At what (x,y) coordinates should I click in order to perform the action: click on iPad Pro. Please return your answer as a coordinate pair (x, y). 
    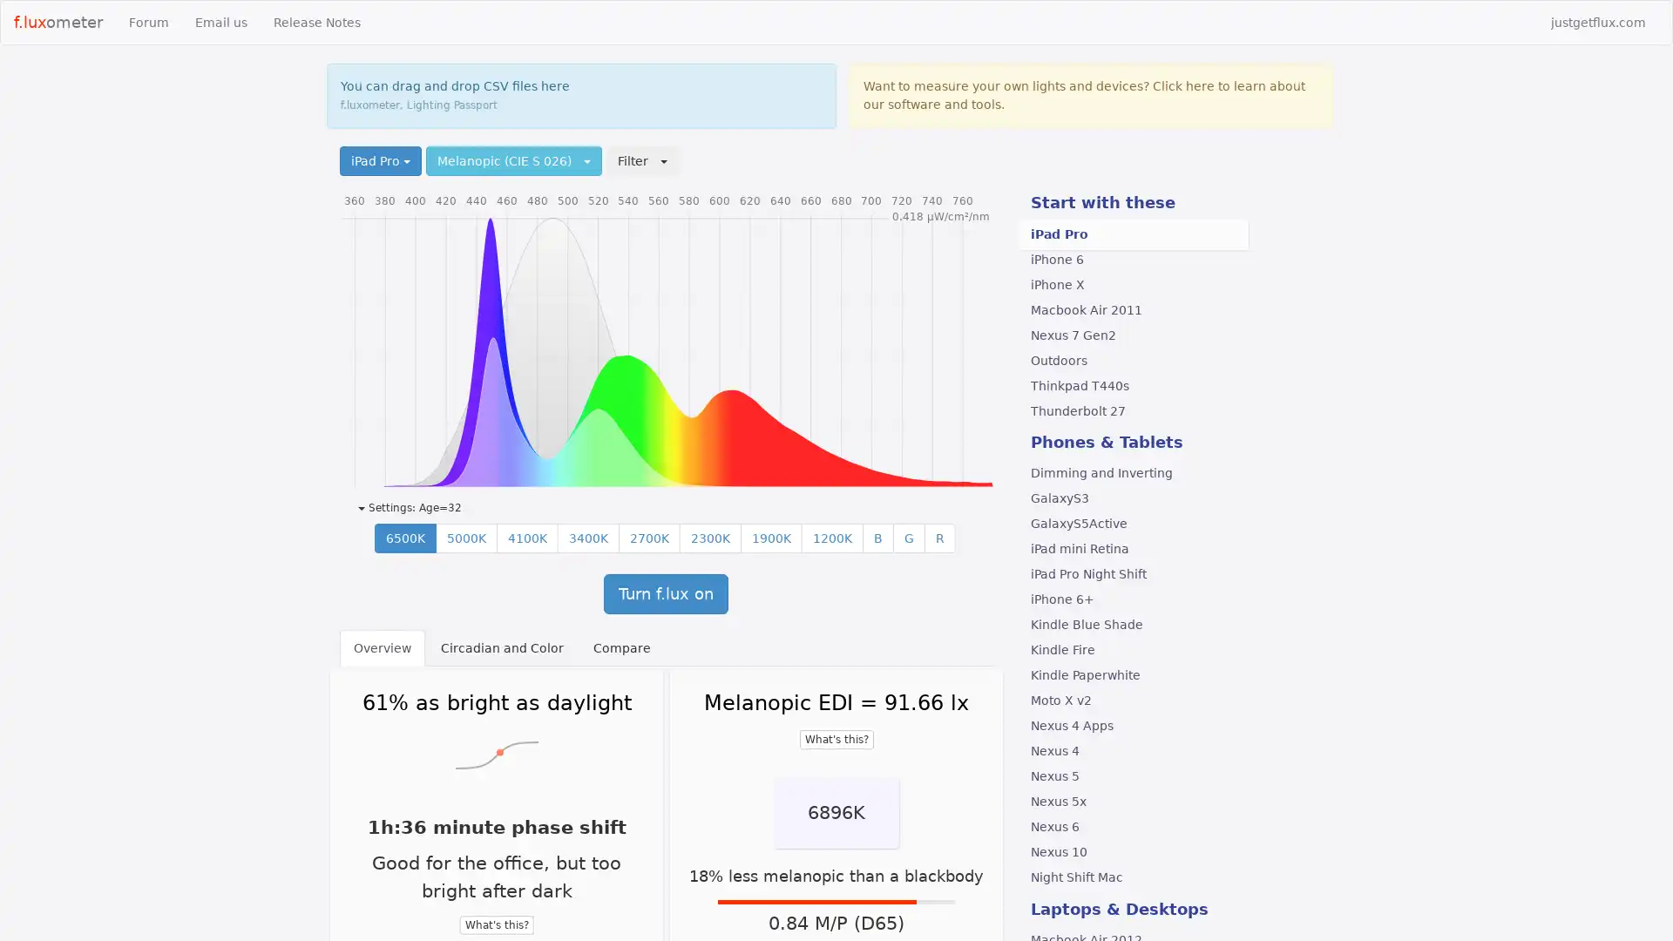
    Looking at the image, I should click on (379, 161).